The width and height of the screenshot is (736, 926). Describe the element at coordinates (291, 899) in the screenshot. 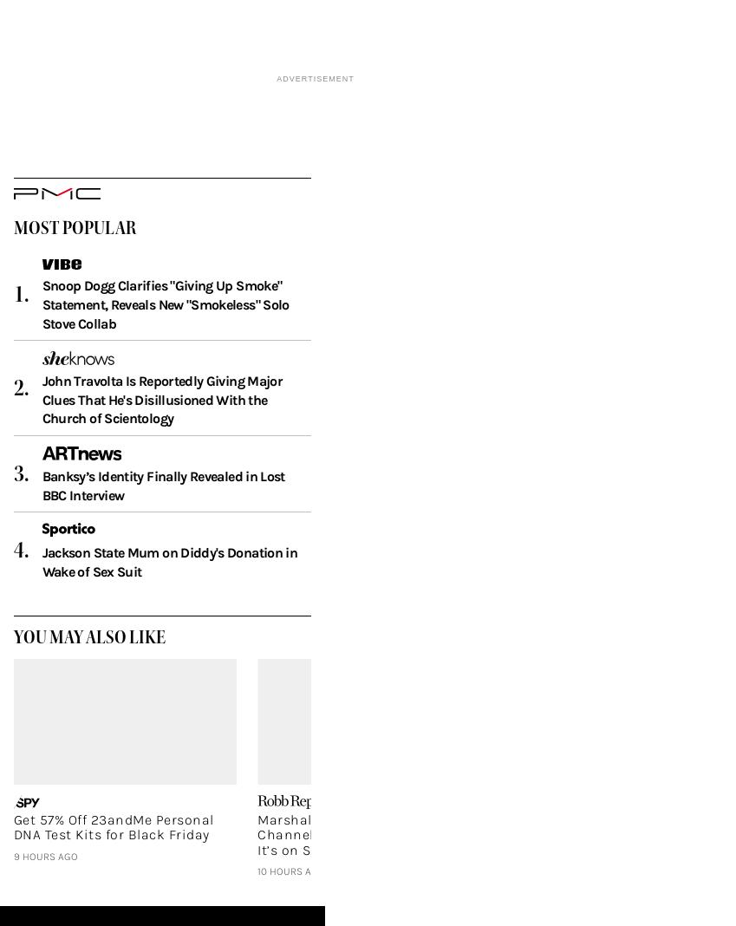

I see `'10 hours ago'` at that location.